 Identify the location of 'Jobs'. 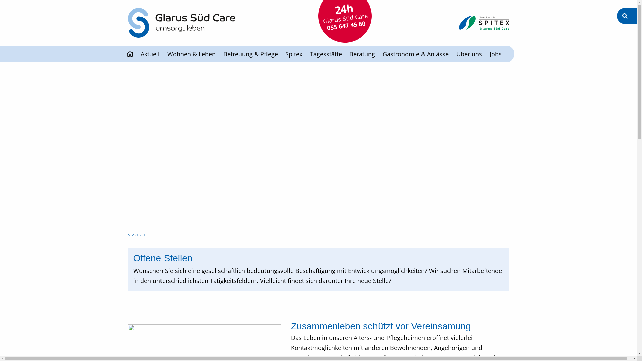
(496, 53).